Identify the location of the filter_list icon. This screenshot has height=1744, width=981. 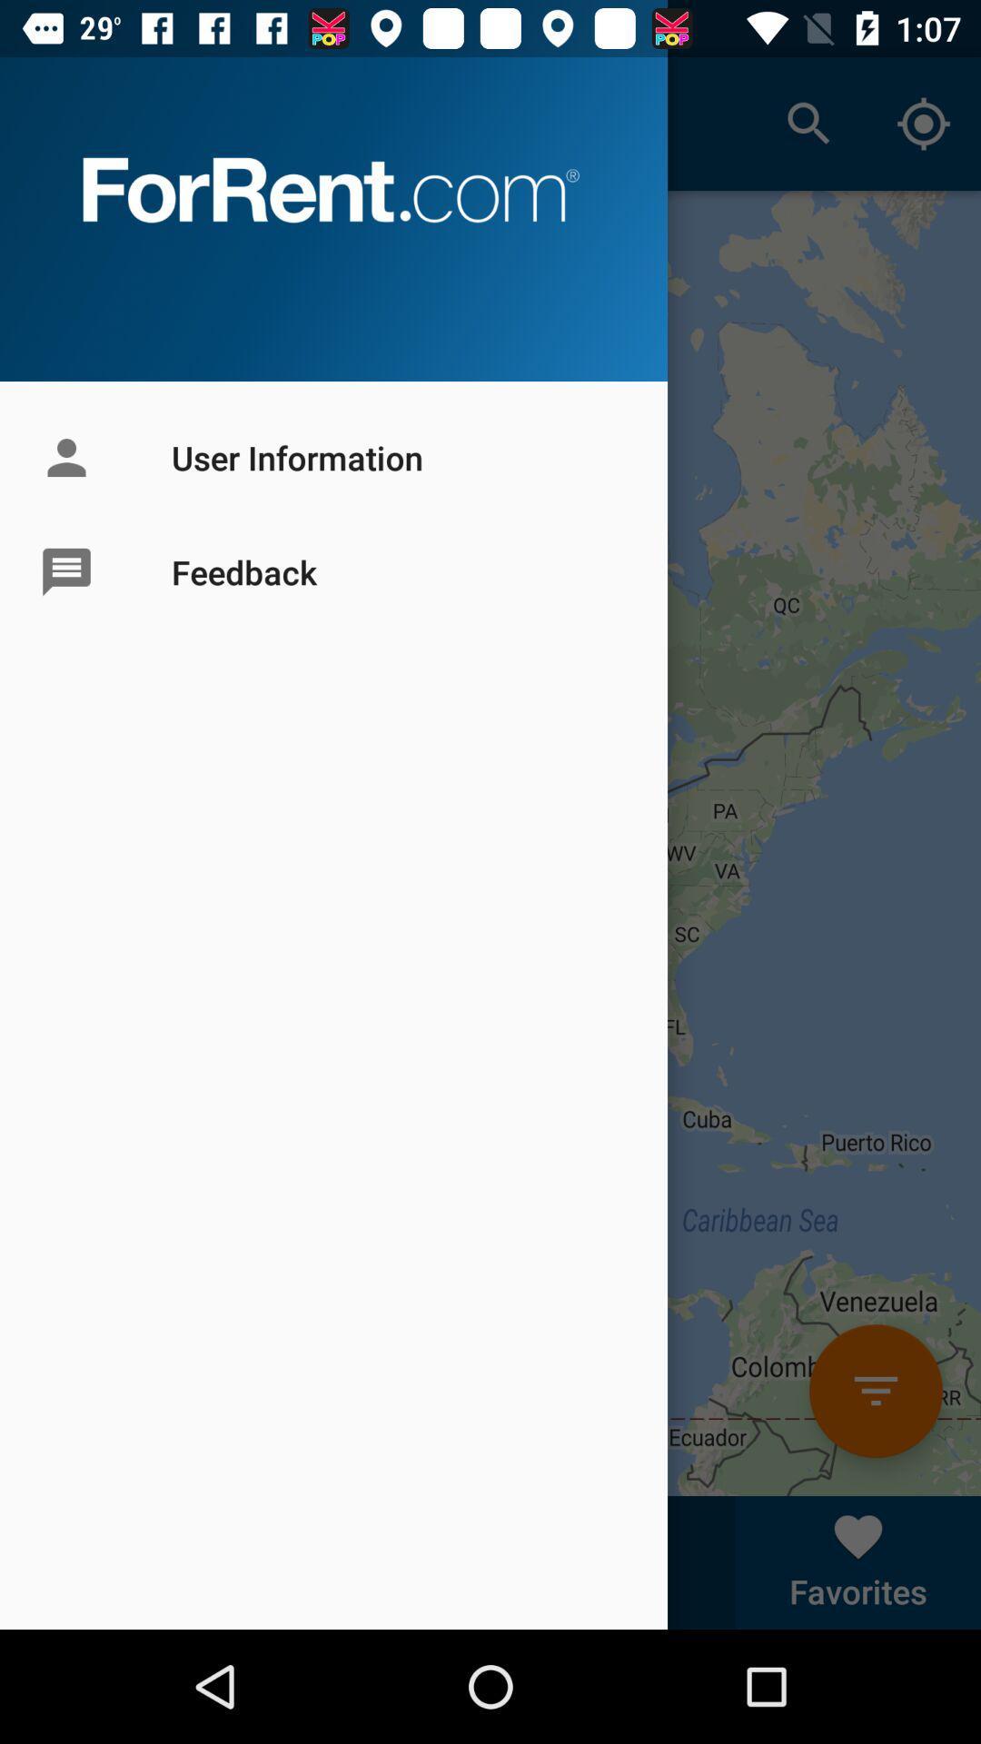
(875, 1390).